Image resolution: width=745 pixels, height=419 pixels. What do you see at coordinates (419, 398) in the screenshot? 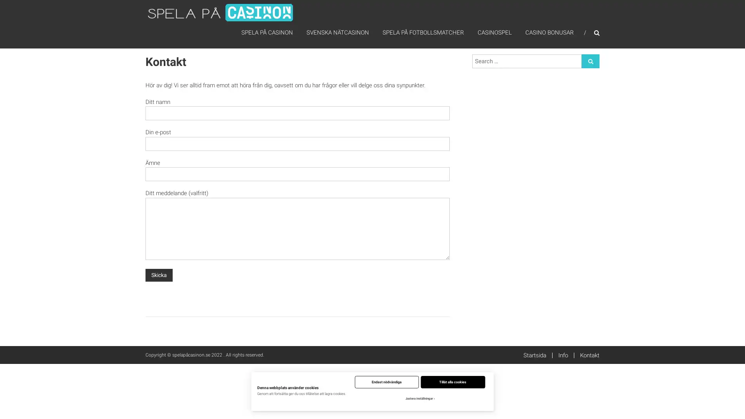
I see `Justera installningar` at bounding box center [419, 398].